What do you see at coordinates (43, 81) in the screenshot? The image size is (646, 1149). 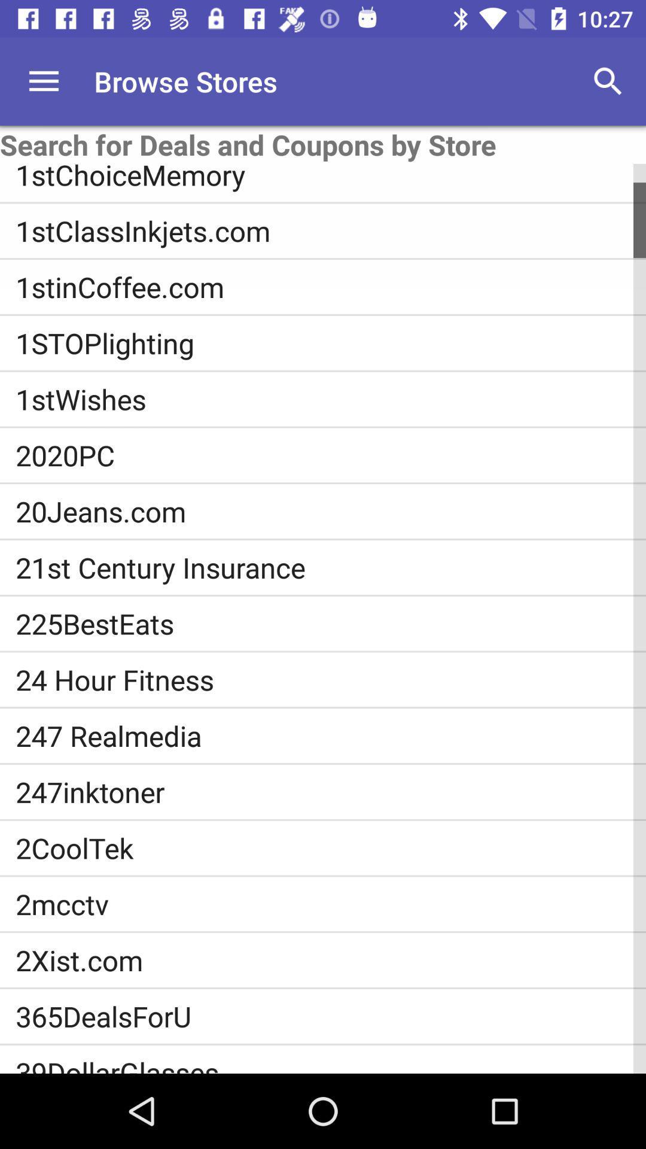 I see `browsestores` at bounding box center [43, 81].